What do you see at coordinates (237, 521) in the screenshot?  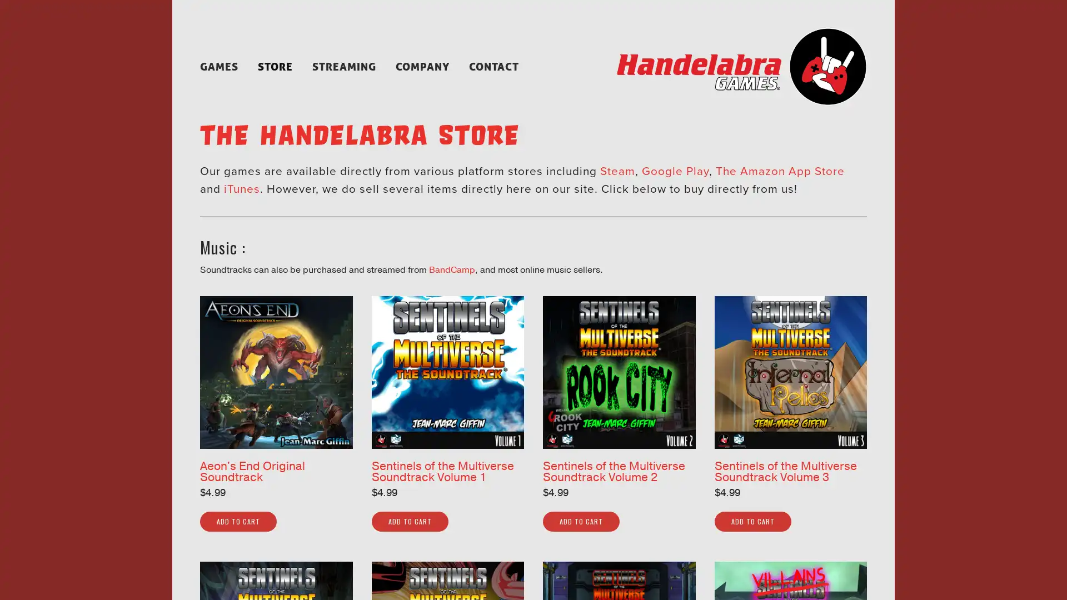 I see `ADD TO CART` at bounding box center [237, 521].